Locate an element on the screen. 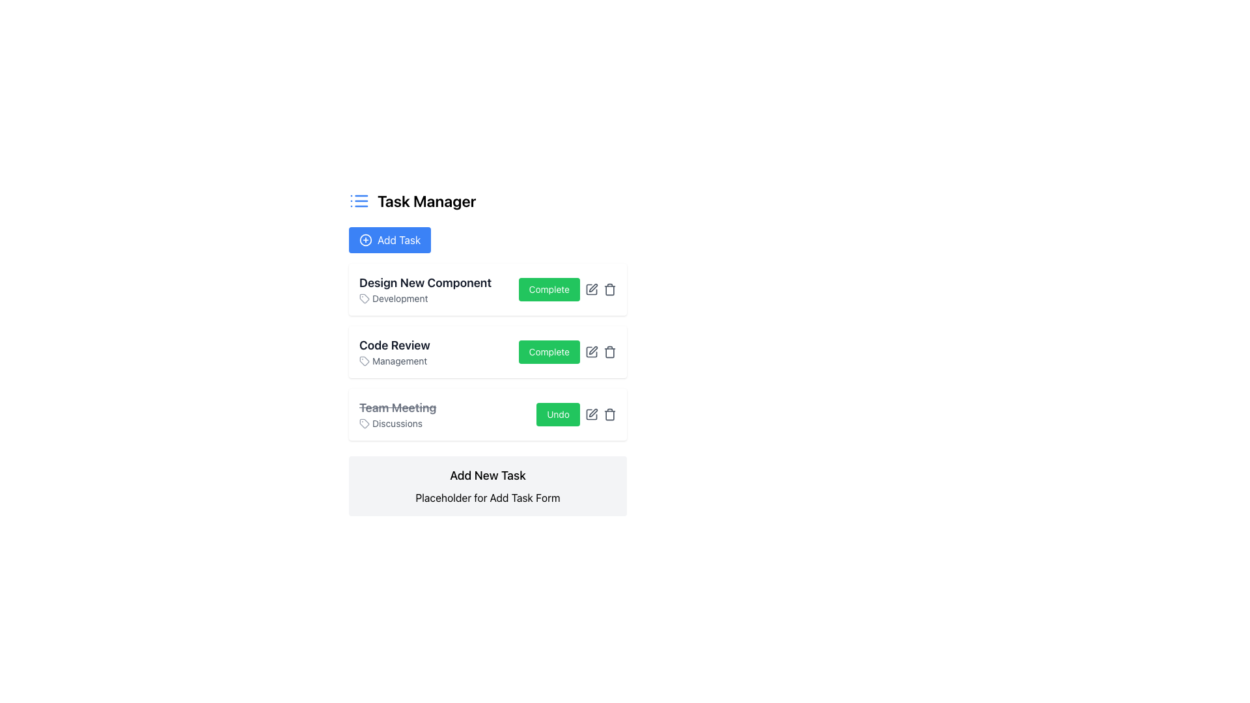  the Text Label that serves as a header for the 'Placeholder for Add Task Form' section, positioned directly above the placeholder text is located at coordinates (487, 476).